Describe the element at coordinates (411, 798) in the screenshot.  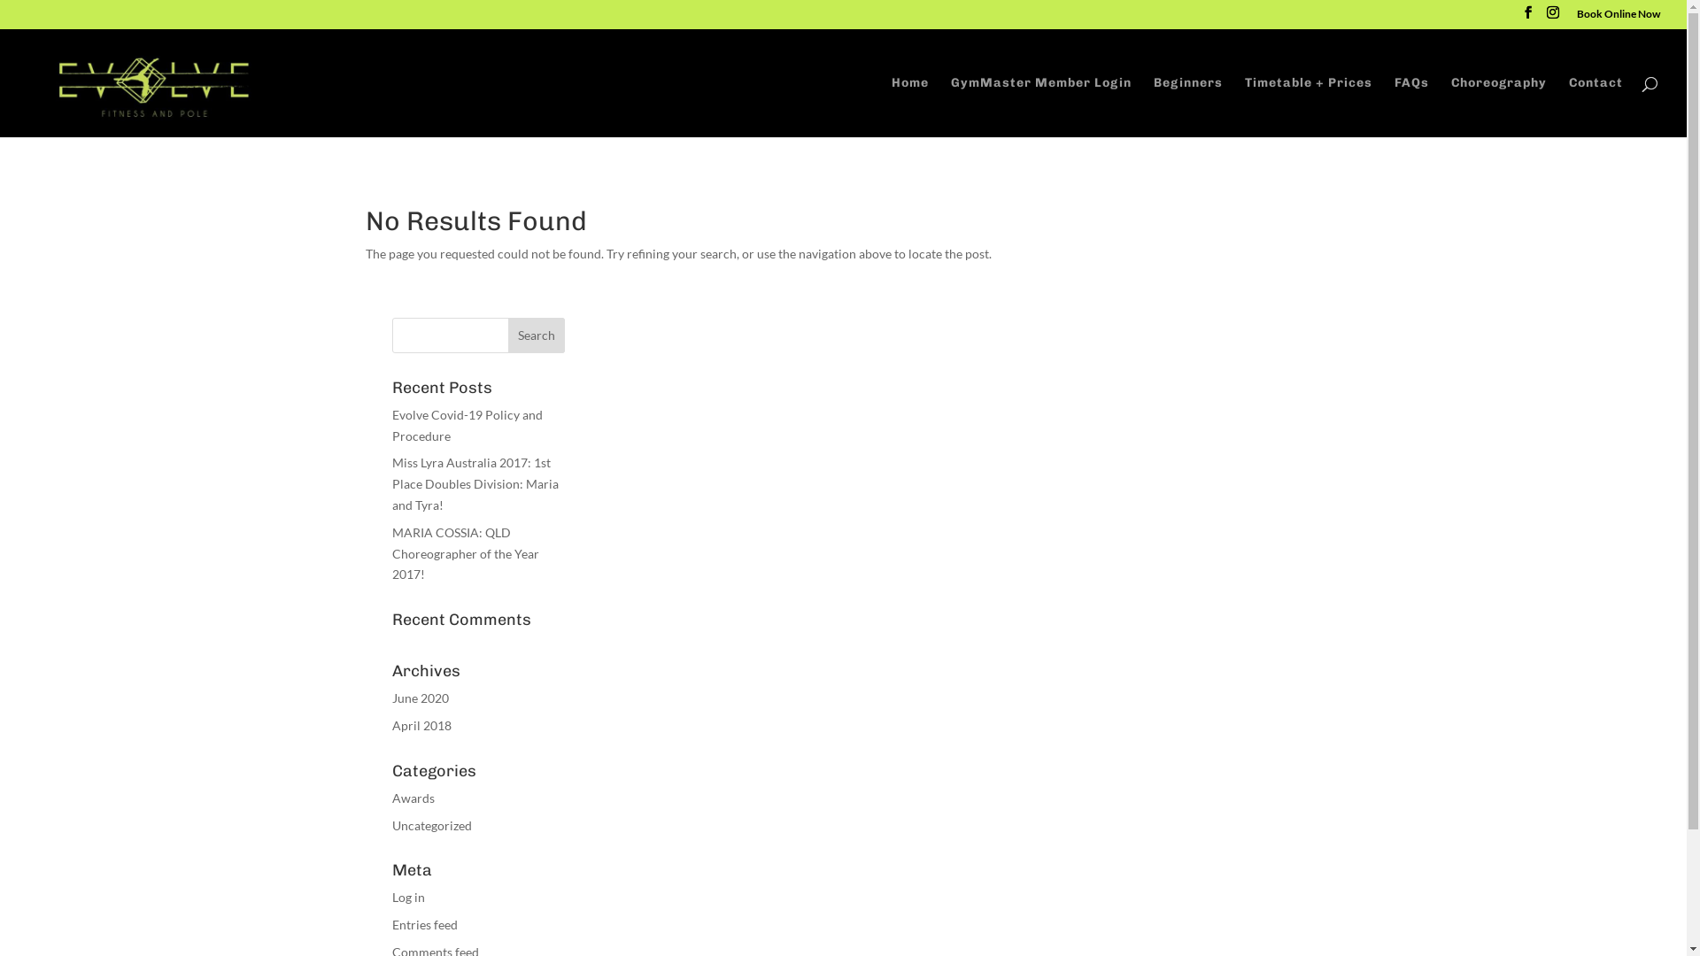
I see `'Awards'` at that location.